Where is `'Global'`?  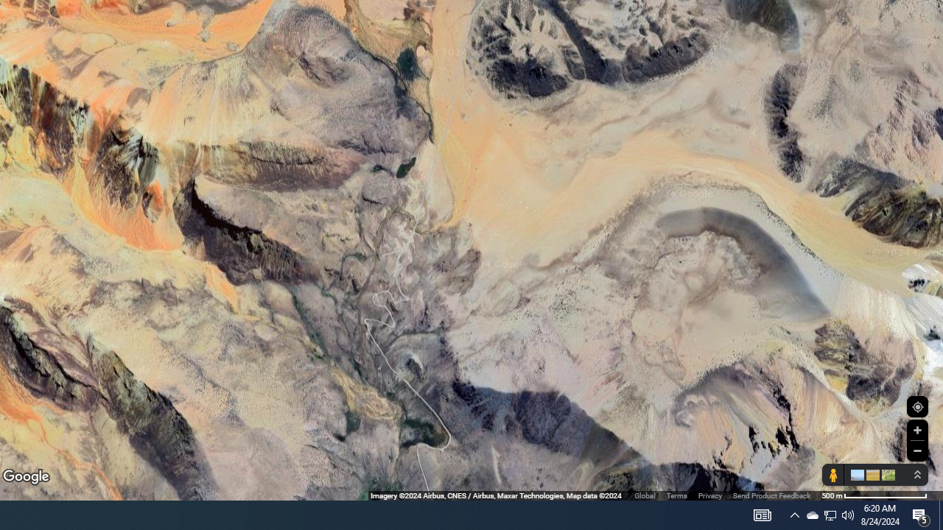
'Global' is located at coordinates (645, 495).